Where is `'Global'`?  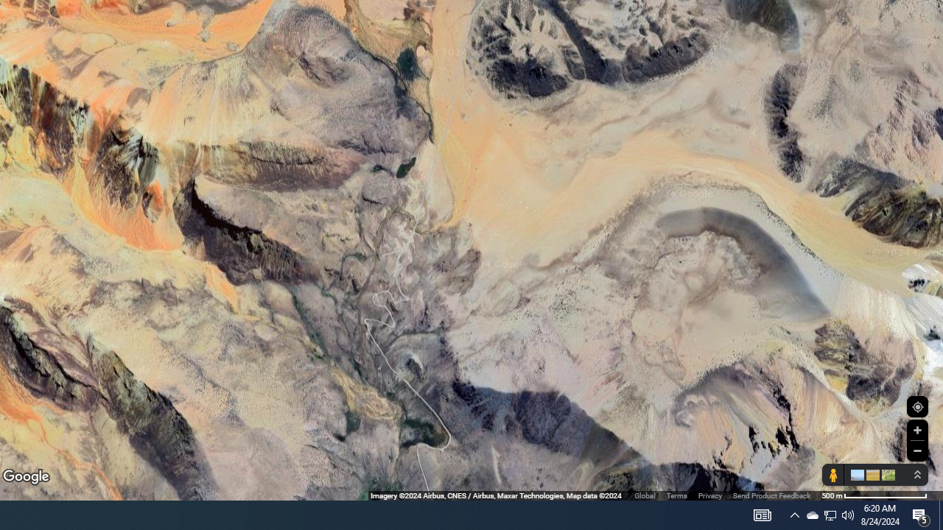
'Global' is located at coordinates (645, 495).